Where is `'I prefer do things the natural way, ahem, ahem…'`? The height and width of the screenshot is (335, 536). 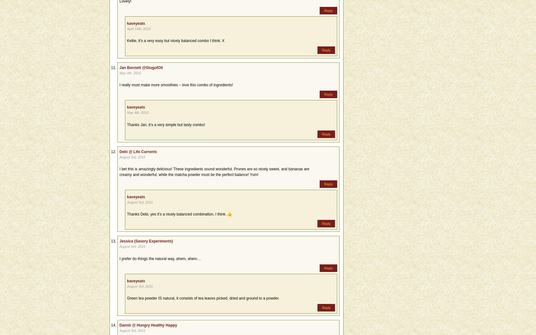 'I prefer do things the natural way, ahem, ahem…' is located at coordinates (119, 258).